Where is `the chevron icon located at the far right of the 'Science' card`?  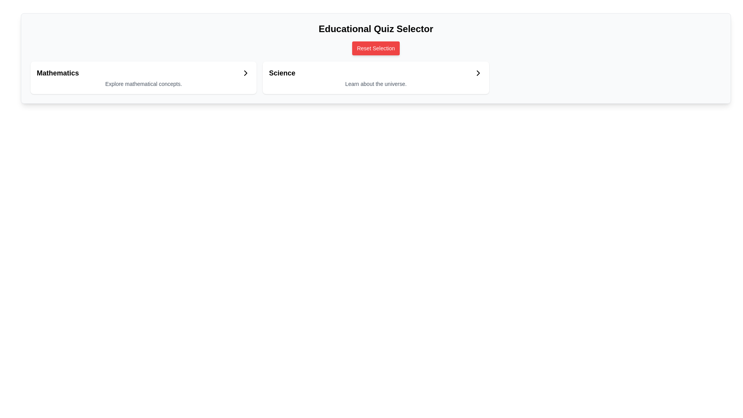
the chevron icon located at the far right of the 'Science' card is located at coordinates (478, 73).